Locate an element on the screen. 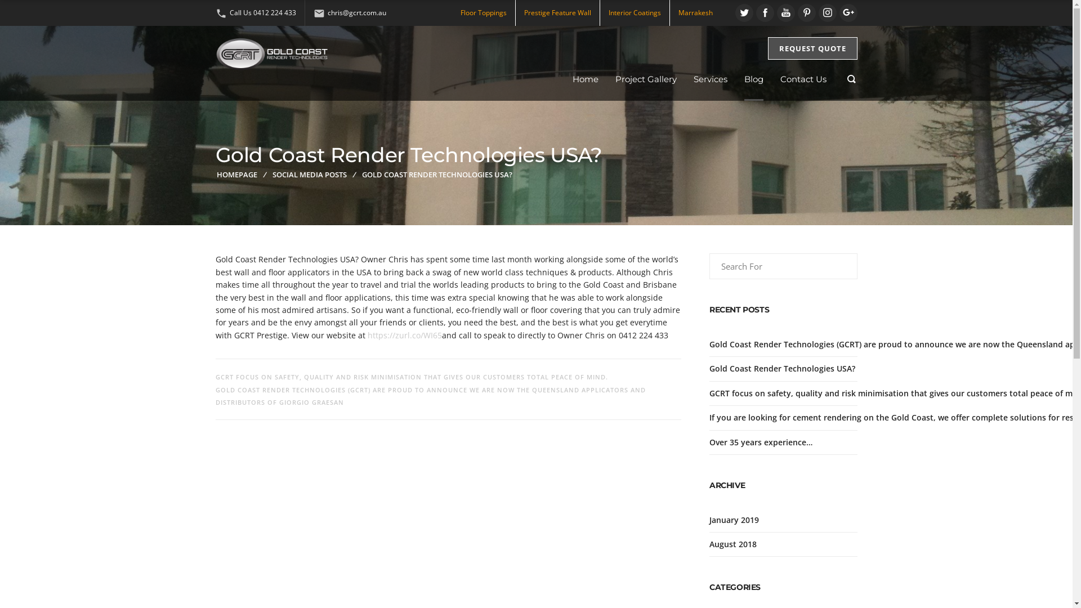 The height and width of the screenshot is (608, 1081). 'Blog' is located at coordinates (754, 79).